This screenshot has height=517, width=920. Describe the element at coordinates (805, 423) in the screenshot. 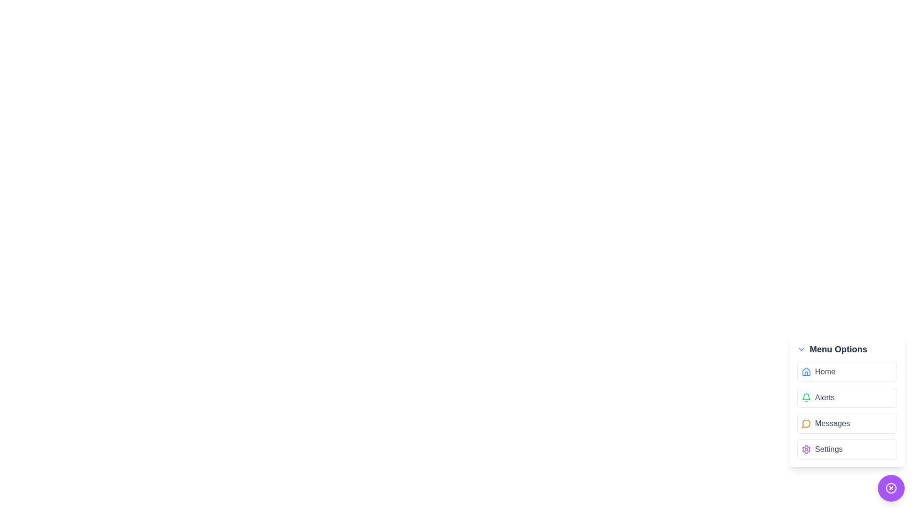

I see `the orange speech bubble icon located in the 'Messages' menu option, which is the third item in the vertical 'Menu Options'` at that location.